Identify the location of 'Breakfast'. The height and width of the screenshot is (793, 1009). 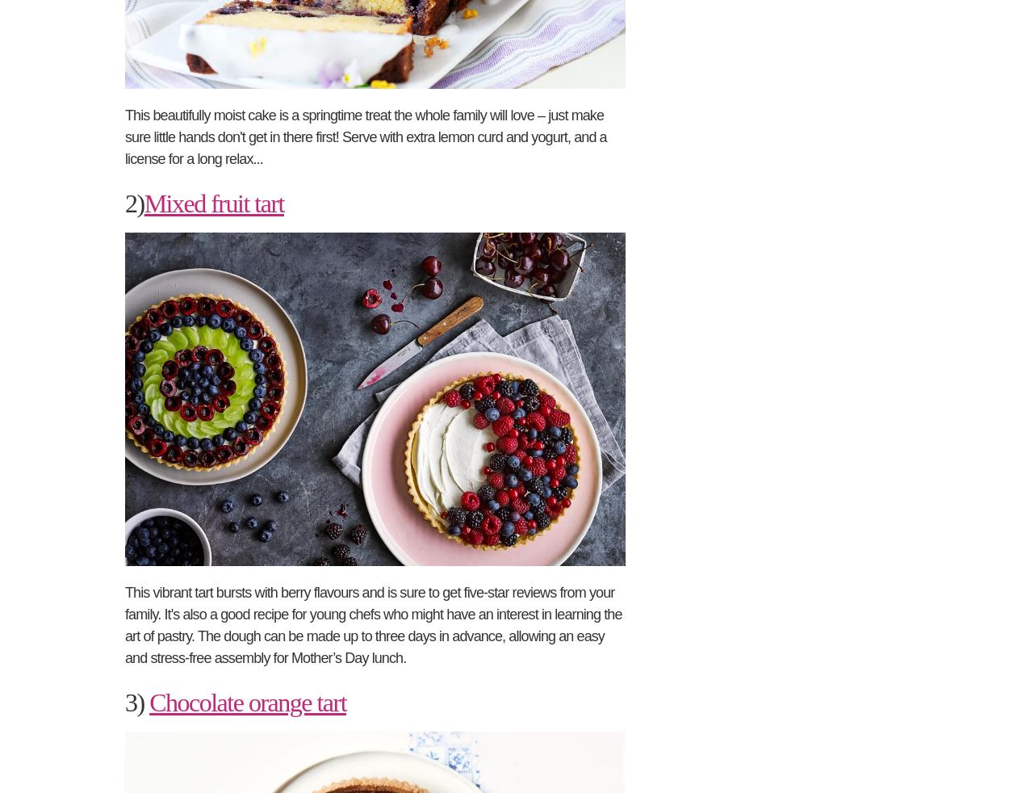
(148, 255).